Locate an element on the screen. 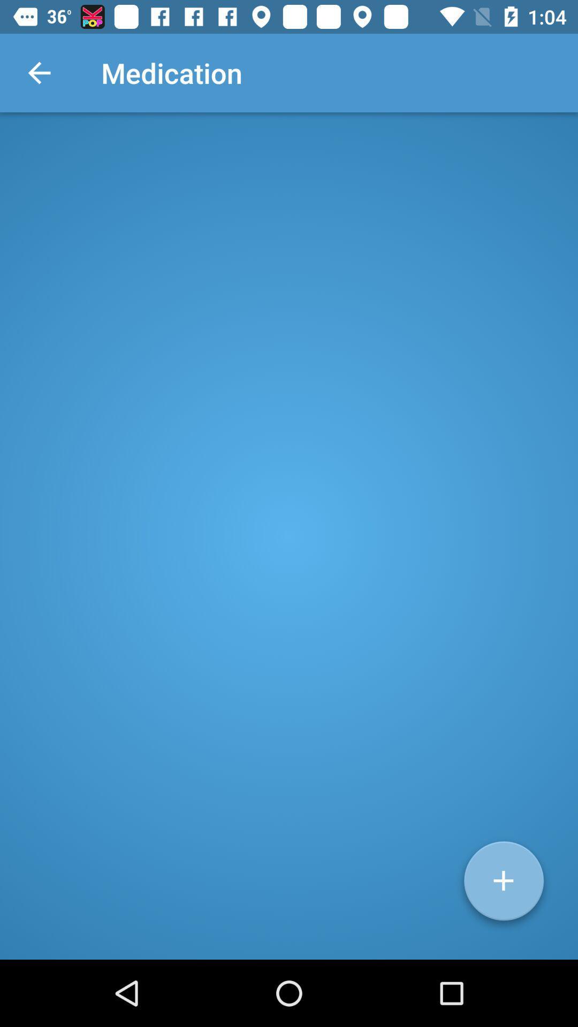 This screenshot has width=578, height=1027. icon at the center is located at coordinates (289, 536).